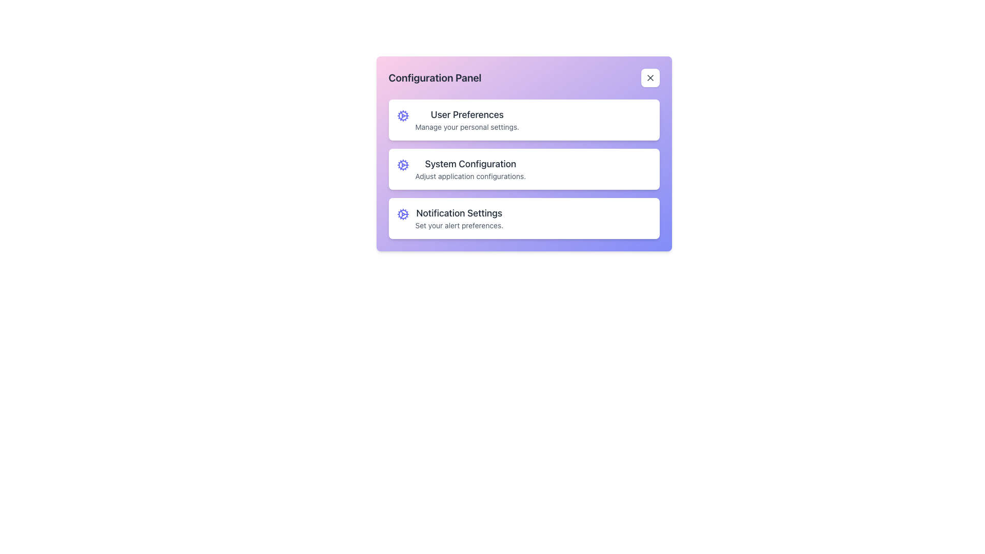  Describe the element at coordinates (470, 169) in the screenshot. I see `the interactive label positioned centrally` at that location.